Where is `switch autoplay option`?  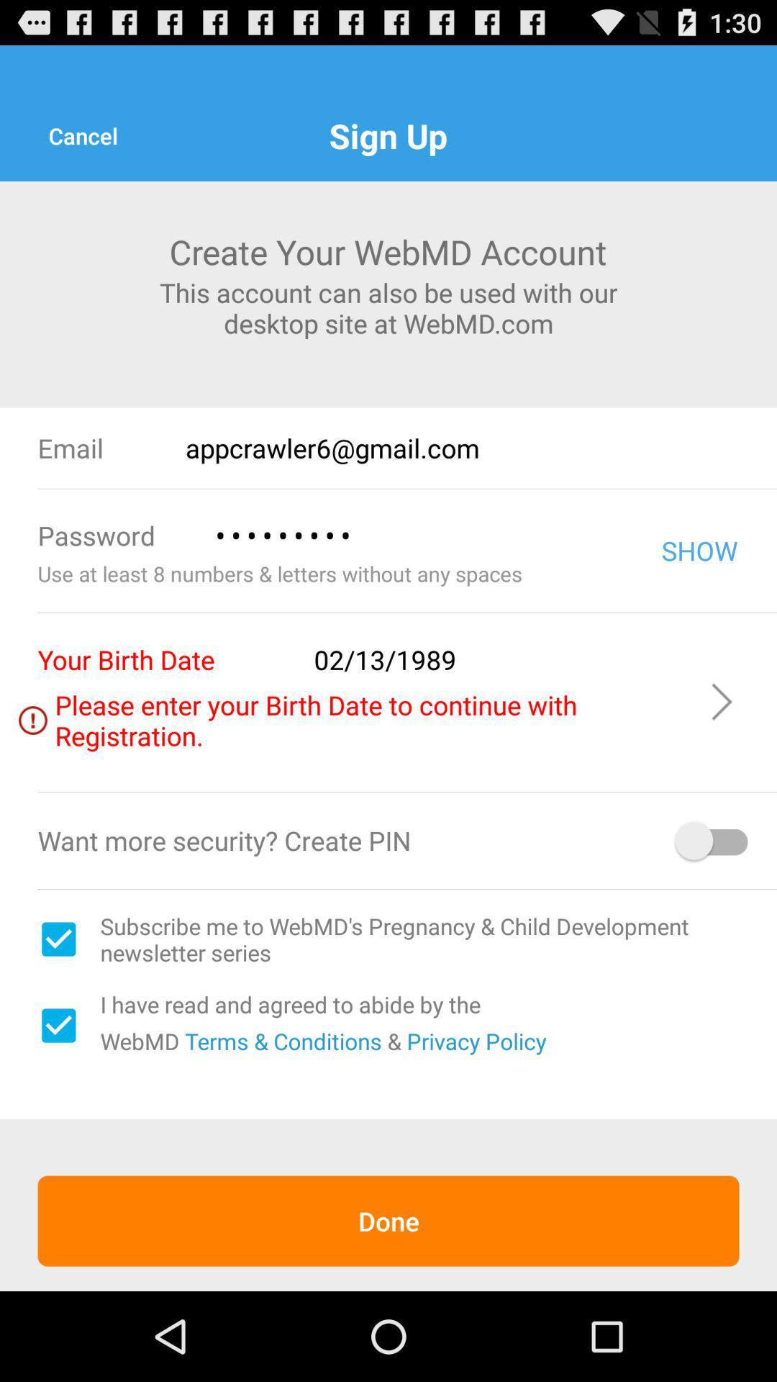
switch autoplay option is located at coordinates (713, 841).